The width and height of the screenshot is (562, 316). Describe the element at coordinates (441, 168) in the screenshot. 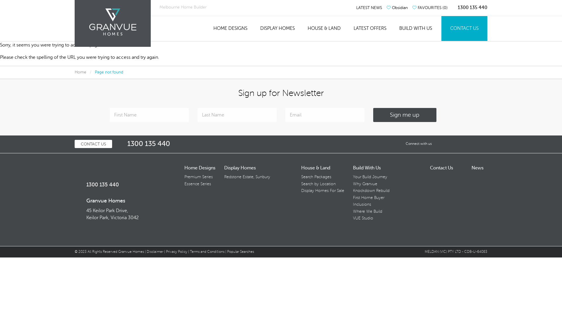

I see `'Contact Us'` at that location.